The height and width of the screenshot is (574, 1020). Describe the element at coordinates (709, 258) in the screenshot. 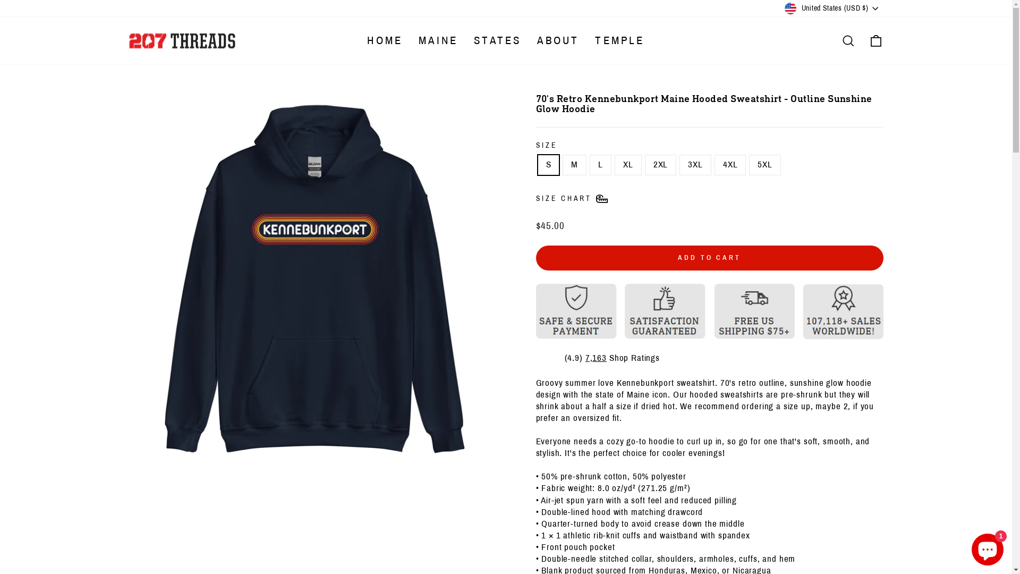

I see `'ADD TO CART'` at that location.